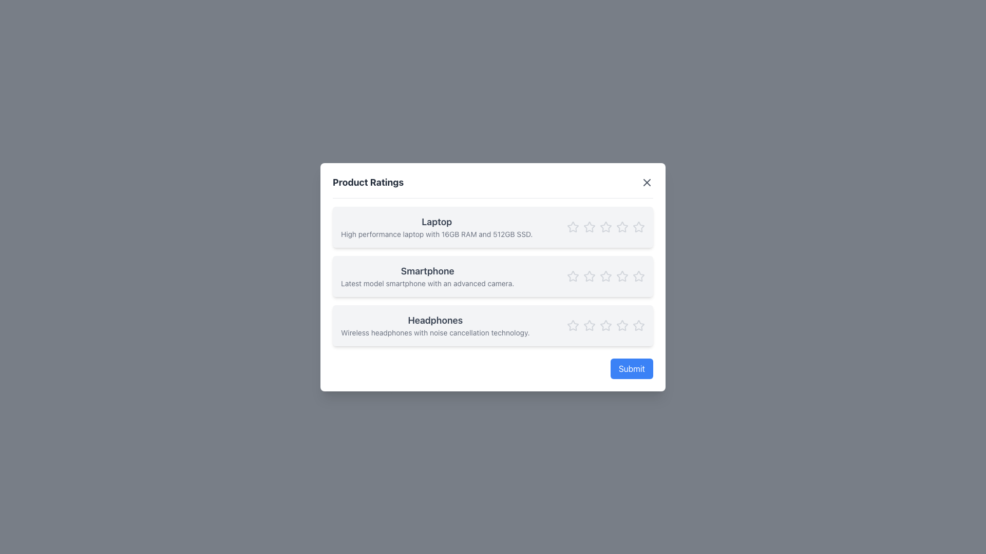  What do you see at coordinates (621, 325) in the screenshot?
I see `the third star-shaped rating icon for the 'Headphones' product, which is outlined and located at the right edge of the rating row` at bounding box center [621, 325].